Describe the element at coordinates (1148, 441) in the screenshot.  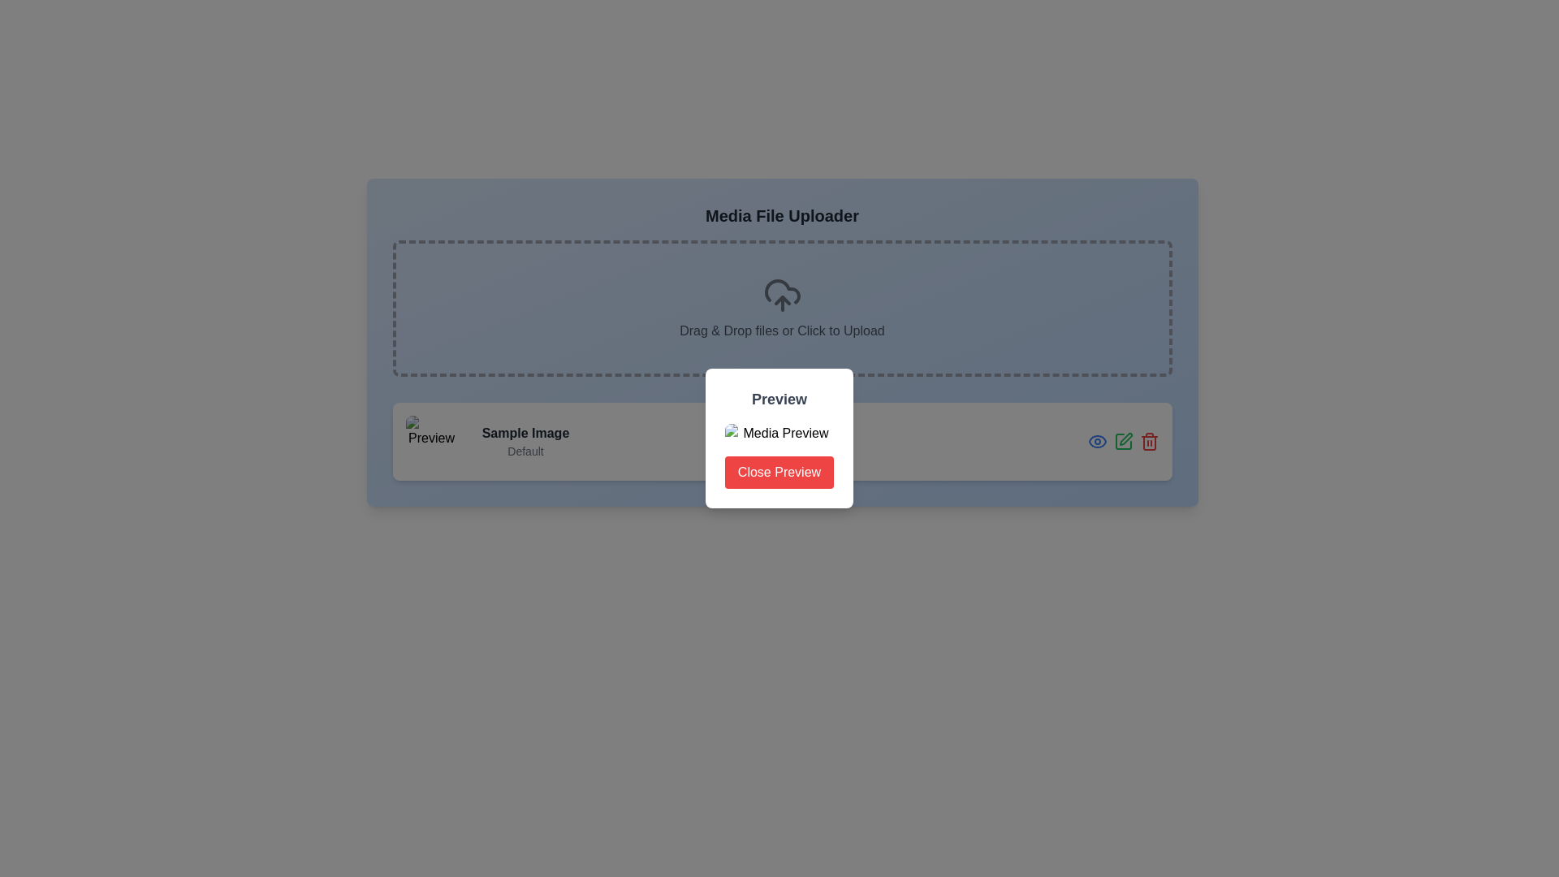
I see `the trash bin icon, which is red and represents a deletion action, located at the bottom-right corner of the panel` at that location.